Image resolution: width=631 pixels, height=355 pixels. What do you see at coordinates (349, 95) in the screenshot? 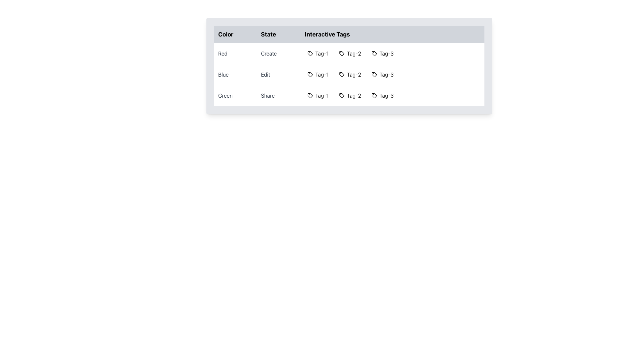
I see `last row of the table containing the text 'Green', 'Share', and tags 'Tag-1', 'Tag-2', and 'Tag-3'` at bounding box center [349, 95].